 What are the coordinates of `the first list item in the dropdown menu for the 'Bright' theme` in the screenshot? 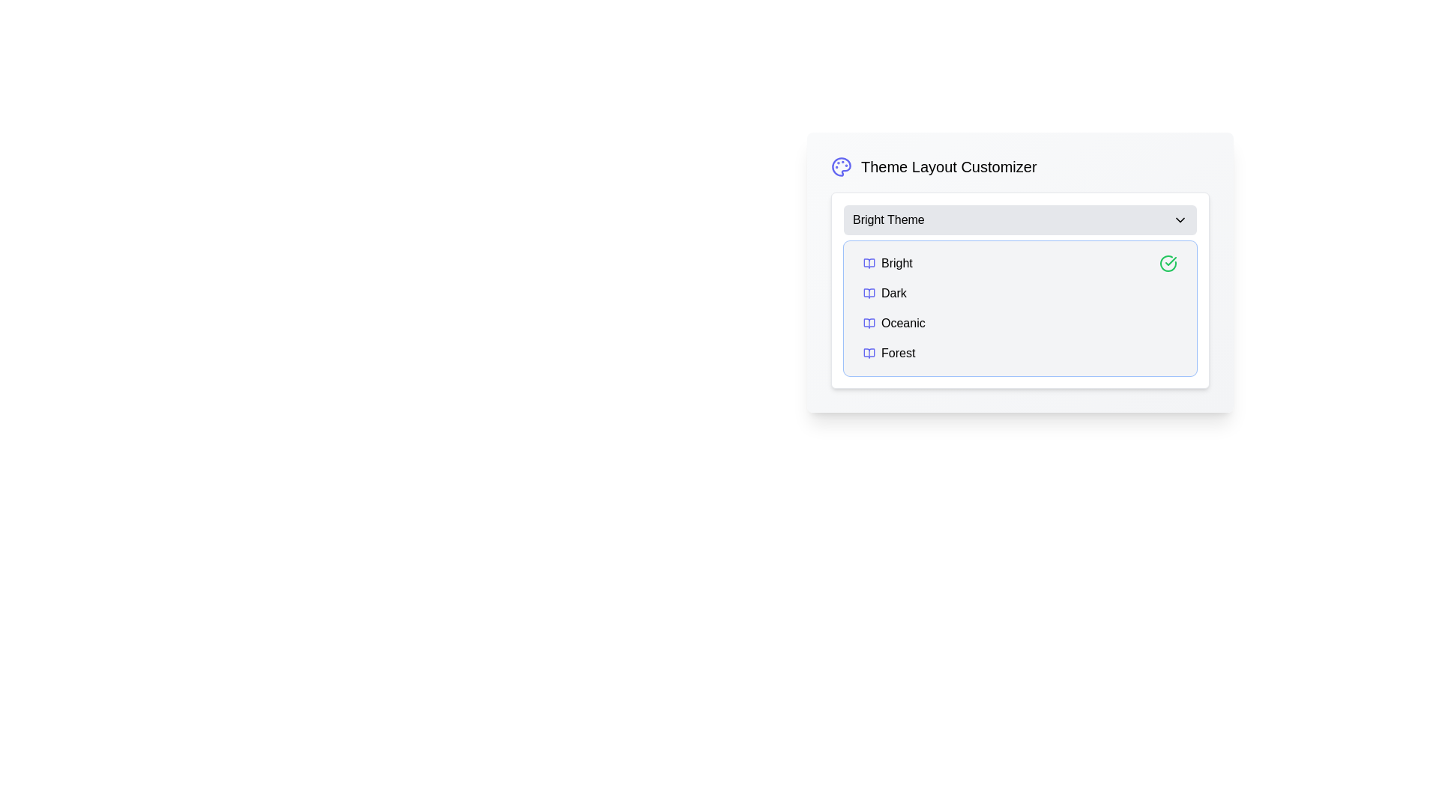 It's located at (1019, 262).